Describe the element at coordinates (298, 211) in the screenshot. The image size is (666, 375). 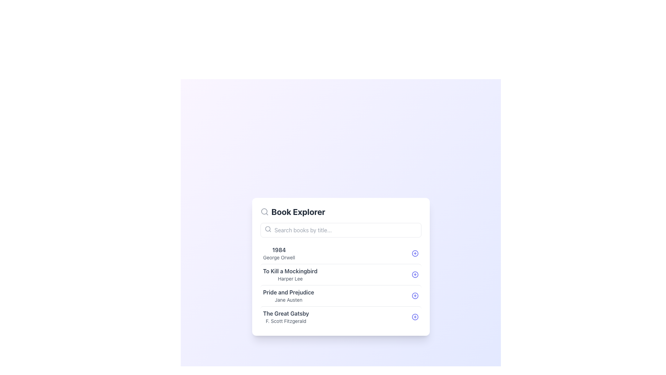
I see `the reading view by clicking on the 'Book Explorer' title element` at that location.